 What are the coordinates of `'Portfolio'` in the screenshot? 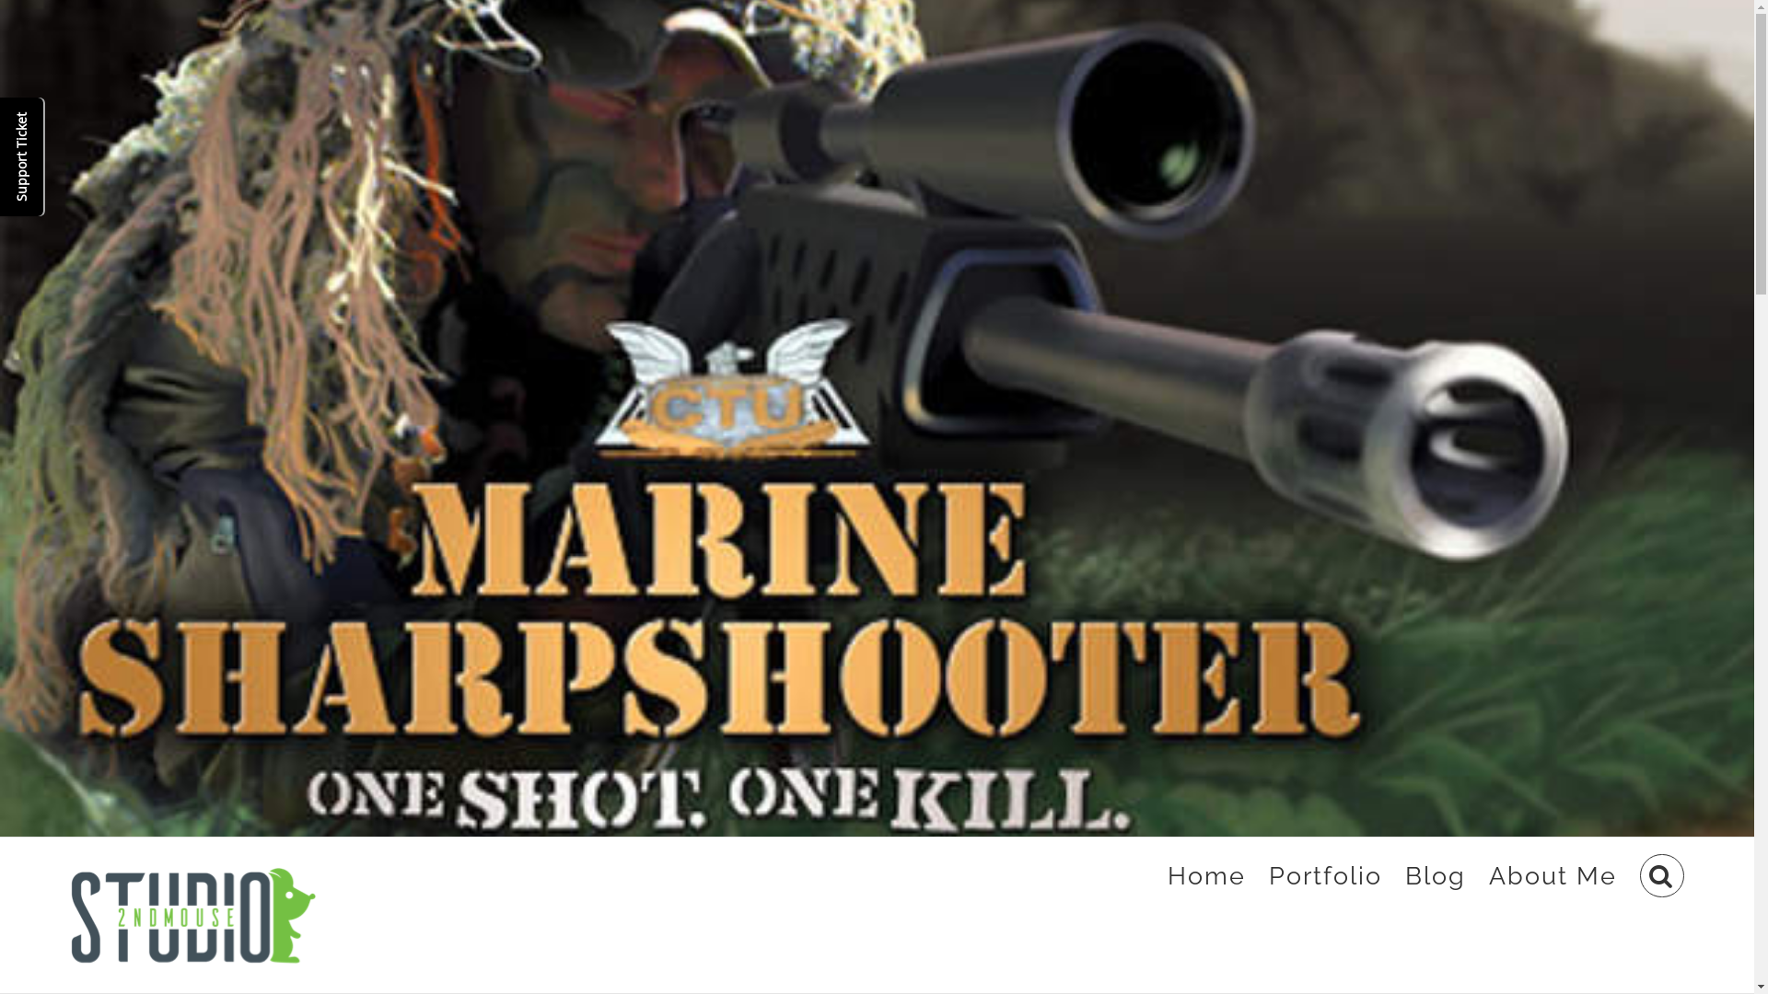 It's located at (1324, 875).